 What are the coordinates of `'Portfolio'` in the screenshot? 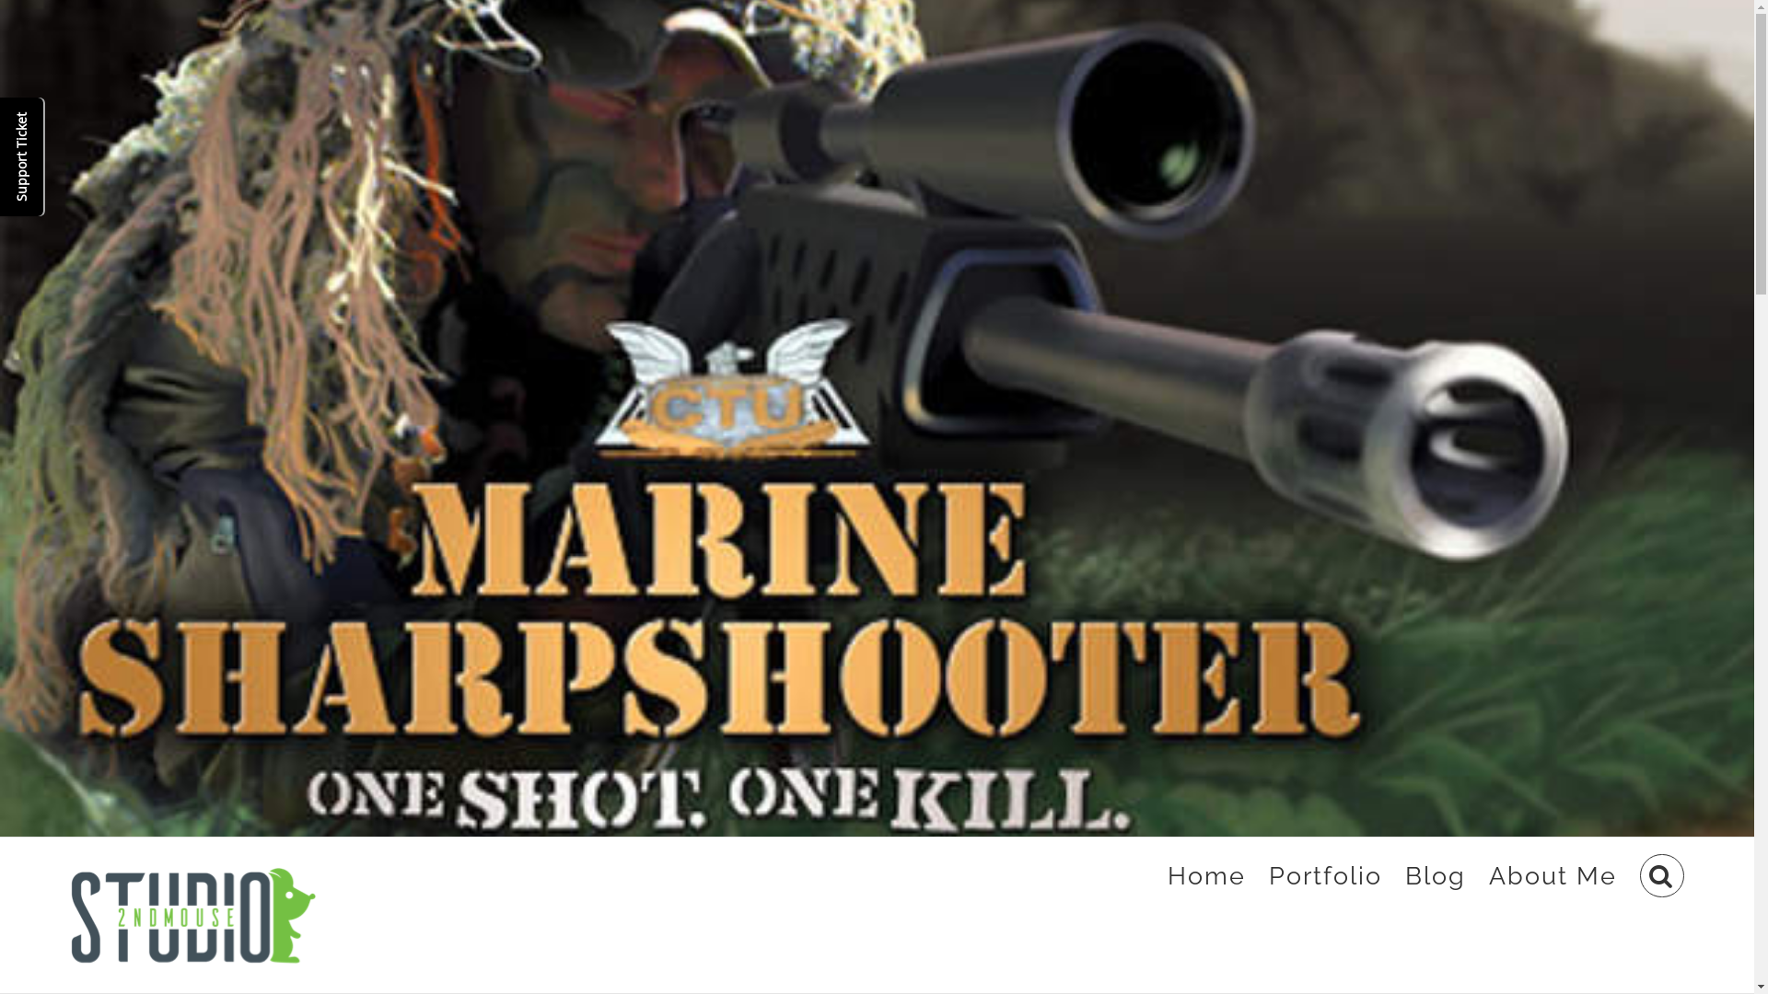 It's located at (1324, 875).